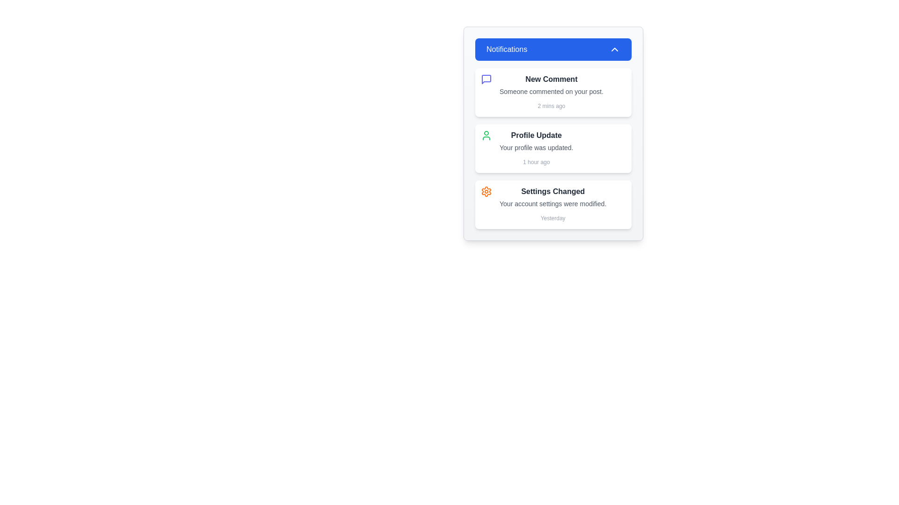 The width and height of the screenshot is (899, 505). I want to click on bold text label 'Settings Changed' which is styled in dark gray and is the primary text of the third notification card, so click(553, 191).